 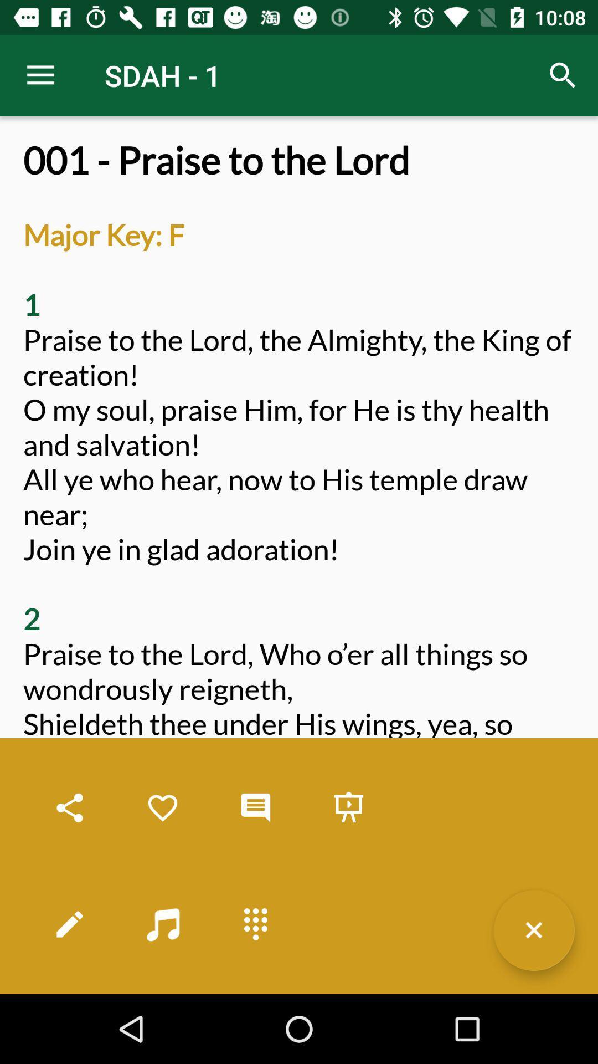 I want to click on icon to the left of sdah - 1 item, so click(x=40, y=75).